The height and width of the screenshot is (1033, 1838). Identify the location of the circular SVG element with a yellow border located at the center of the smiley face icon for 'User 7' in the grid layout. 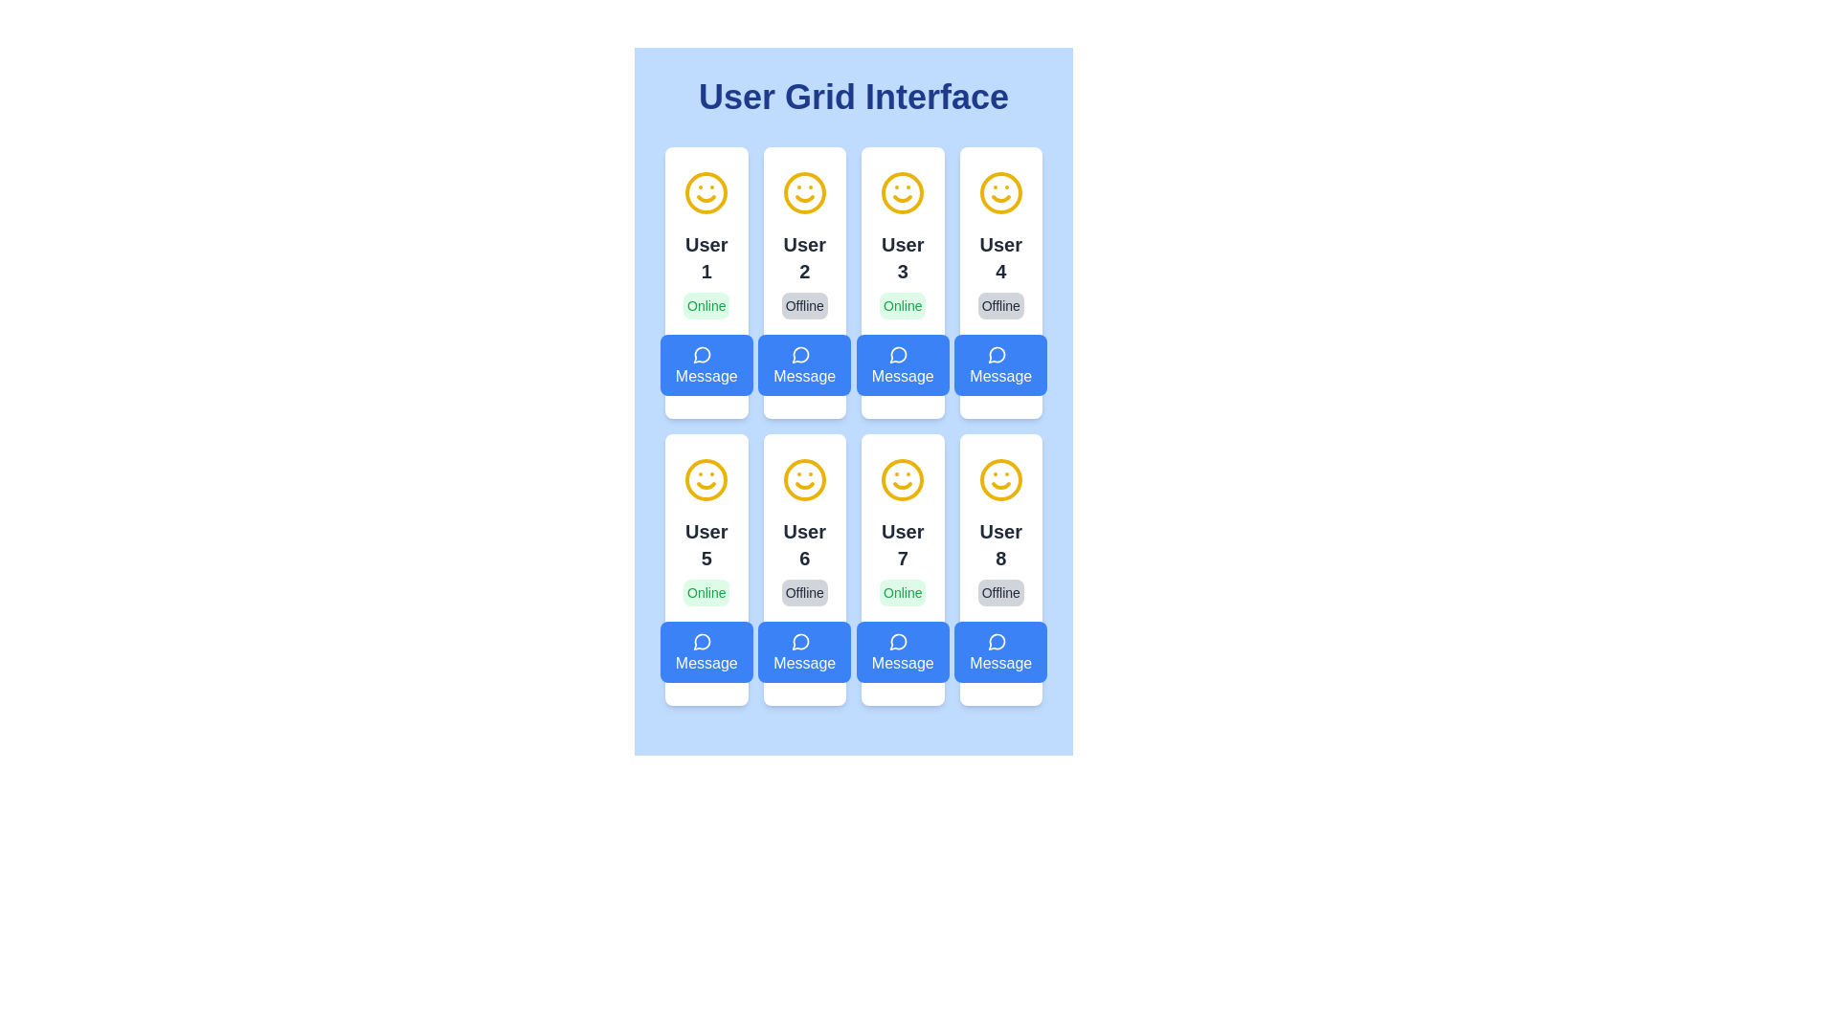
(902, 478).